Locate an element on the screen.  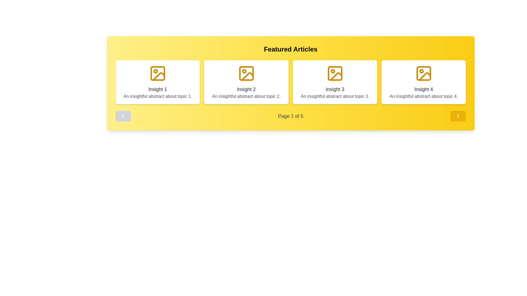
the yellow rounded rectangle within the image icon of the fourth card in the horizontally laid-out series of cards is located at coordinates (423, 73).